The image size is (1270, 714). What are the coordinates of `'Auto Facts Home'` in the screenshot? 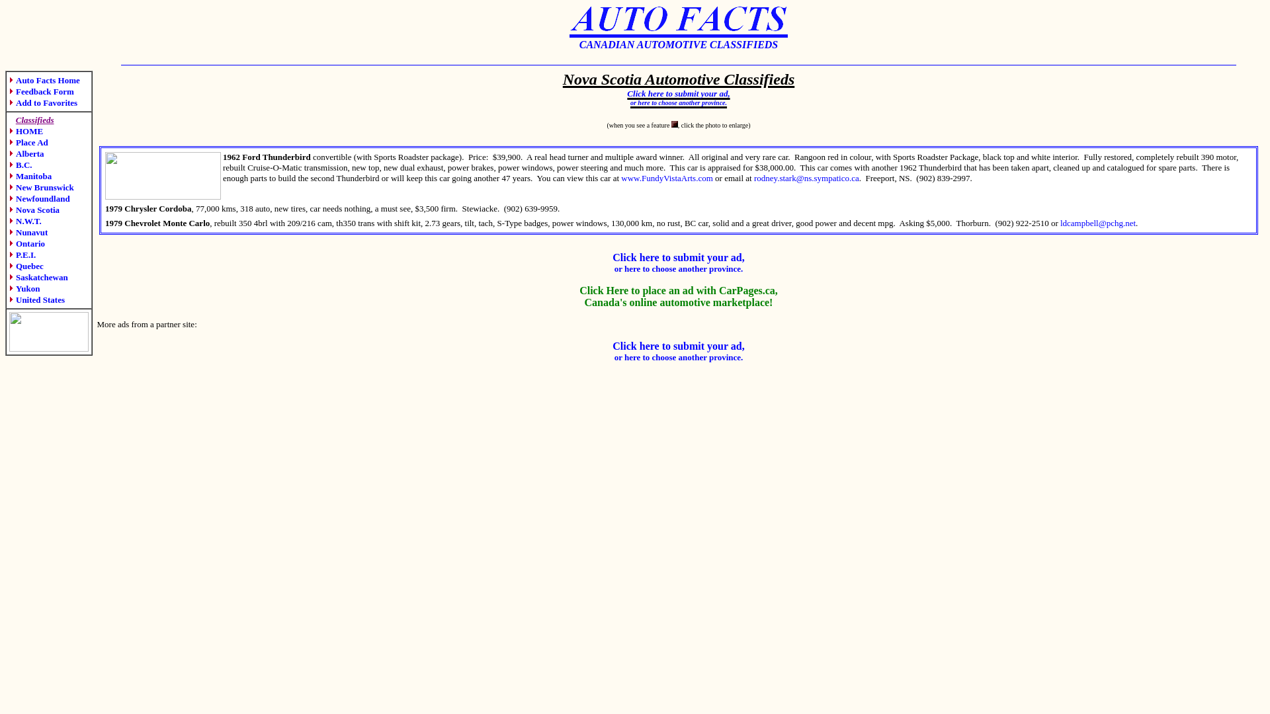 It's located at (44, 80).